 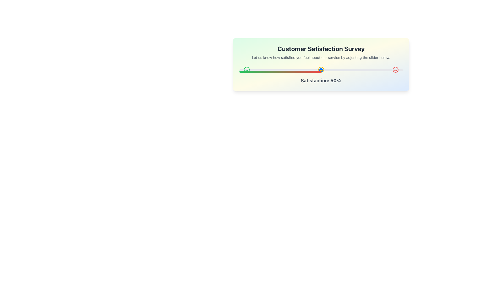 What do you see at coordinates (280, 72) in the screenshot?
I see `the Progress Bar that visually represents the current satisfaction level chosen by the user, located at the bottom part of the satisfaction survey module` at bounding box center [280, 72].